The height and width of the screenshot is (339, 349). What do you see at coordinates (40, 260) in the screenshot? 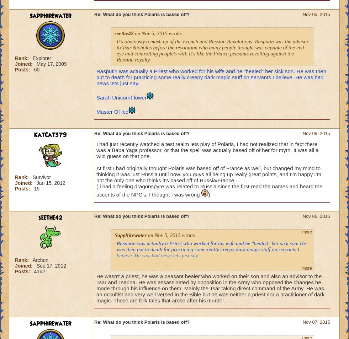
I see `'Archon'` at bounding box center [40, 260].